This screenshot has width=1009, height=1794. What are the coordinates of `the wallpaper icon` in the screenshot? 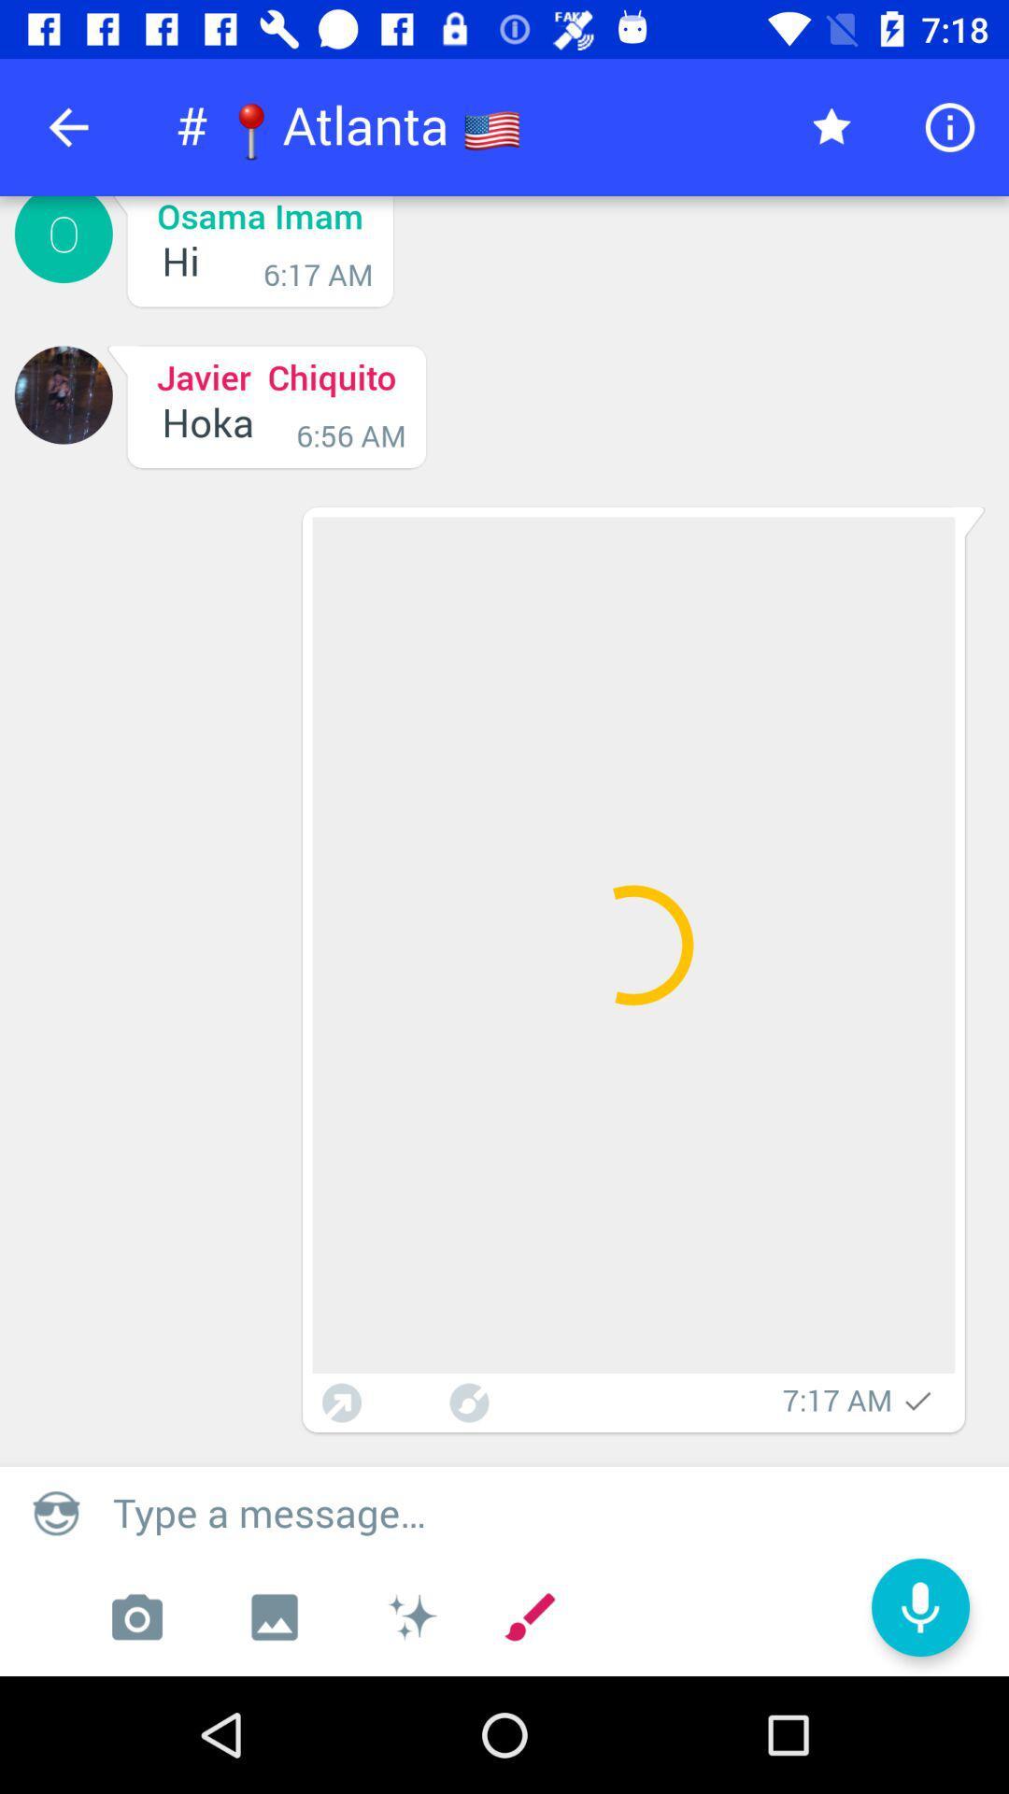 It's located at (274, 1616).